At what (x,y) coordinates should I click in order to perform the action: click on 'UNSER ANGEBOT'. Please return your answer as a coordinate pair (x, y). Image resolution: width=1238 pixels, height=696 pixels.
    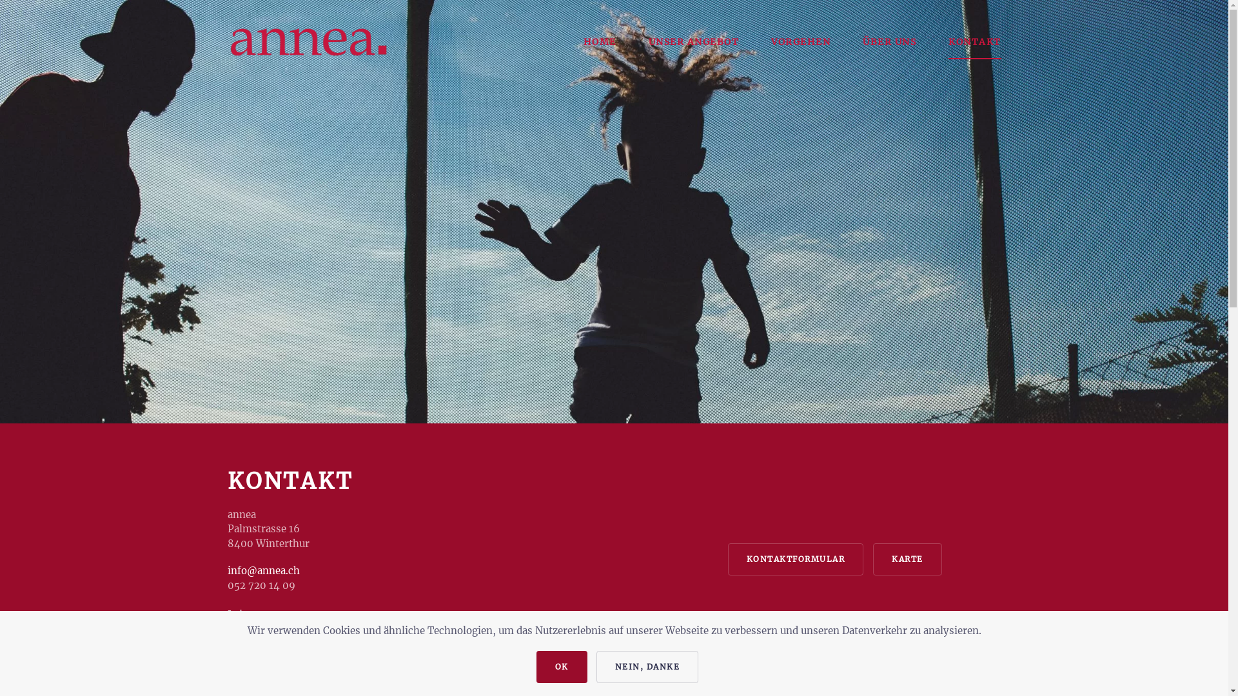
    Looking at the image, I should click on (693, 41).